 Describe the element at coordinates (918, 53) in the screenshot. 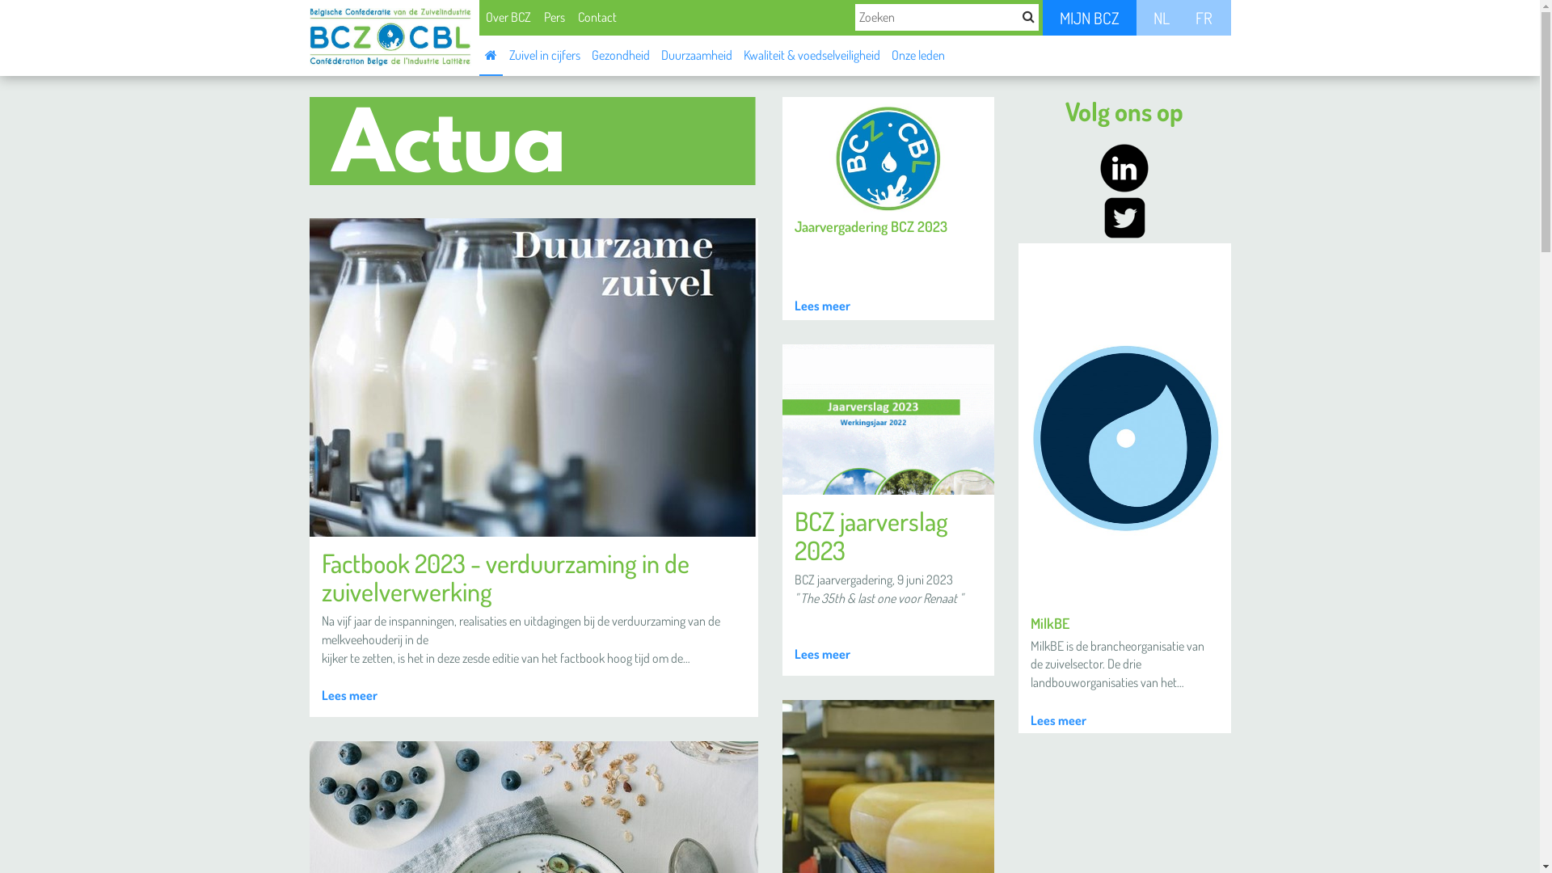

I see `'Onze leden'` at that location.